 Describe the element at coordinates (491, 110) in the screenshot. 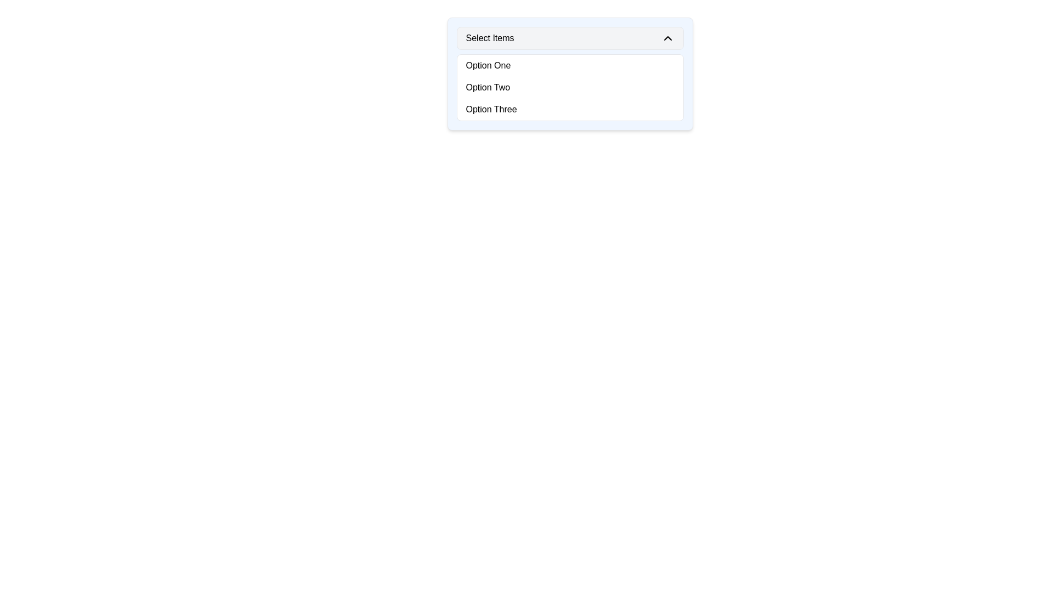

I see `the third option in the dropdown menu that is selectable and may trigger an action` at that location.